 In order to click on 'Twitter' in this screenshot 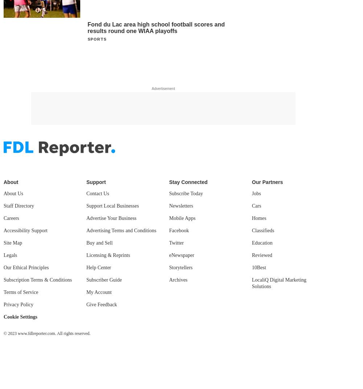, I will do `click(176, 243)`.